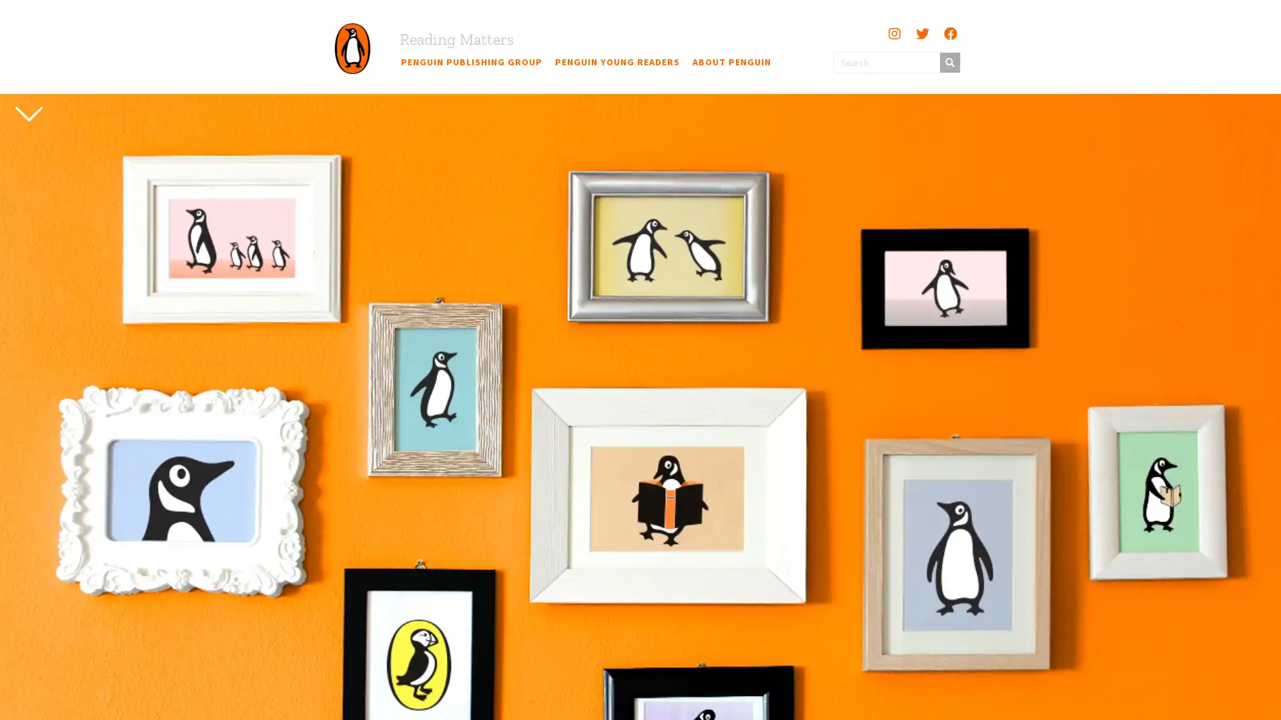  I want to click on Search, so click(948, 61).